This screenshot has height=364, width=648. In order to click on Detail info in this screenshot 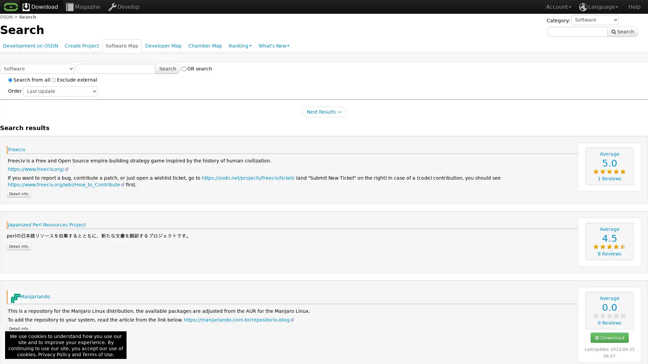, I will do `click(19, 246)`.